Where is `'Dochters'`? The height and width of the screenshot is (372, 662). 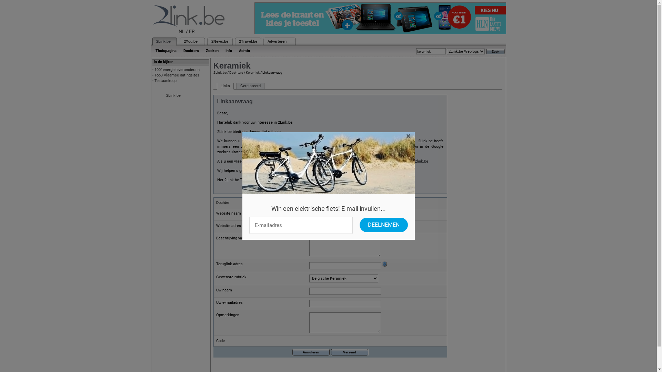 'Dochters' is located at coordinates (180, 50).